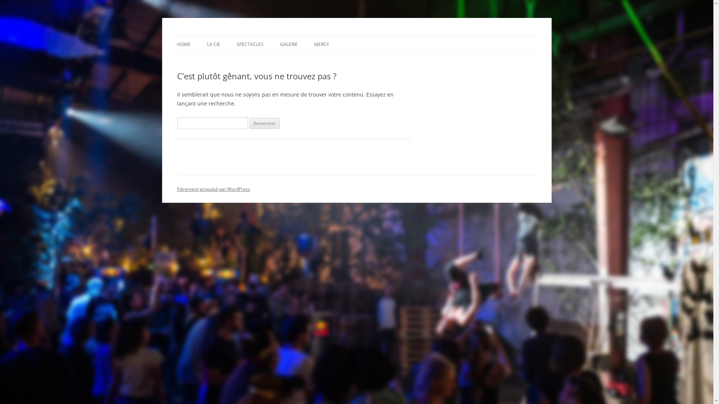  I want to click on 'Aller au contenu', so click(356, 36).